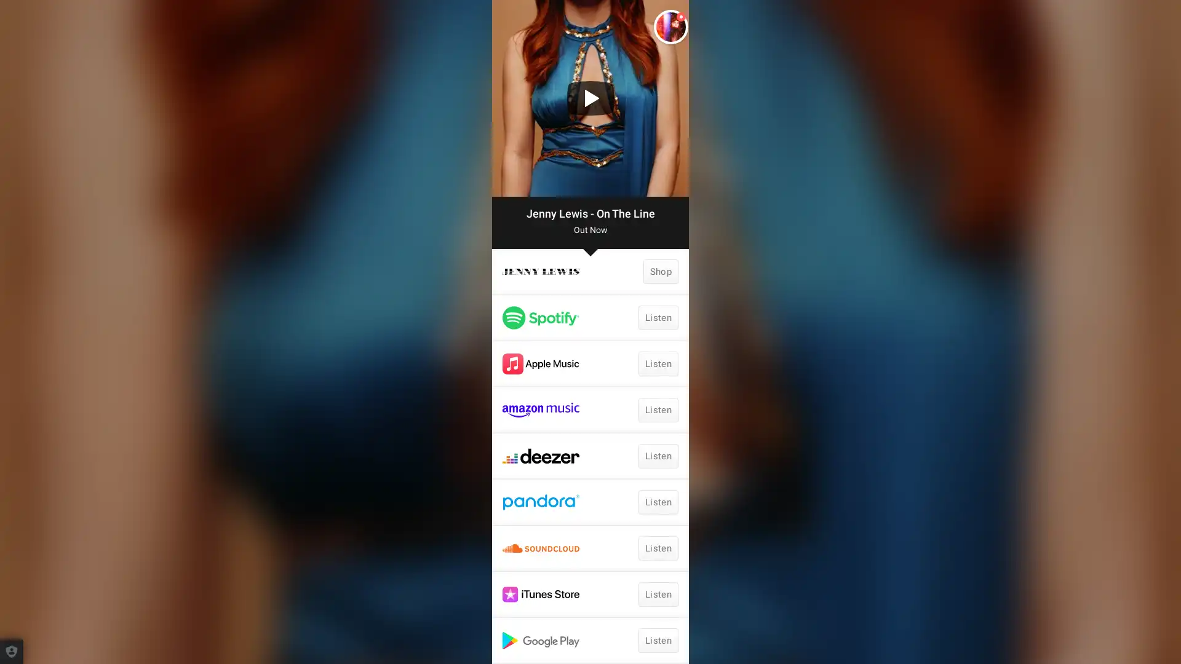  What do you see at coordinates (658, 639) in the screenshot?
I see `Listen` at bounding box center [658, 639].